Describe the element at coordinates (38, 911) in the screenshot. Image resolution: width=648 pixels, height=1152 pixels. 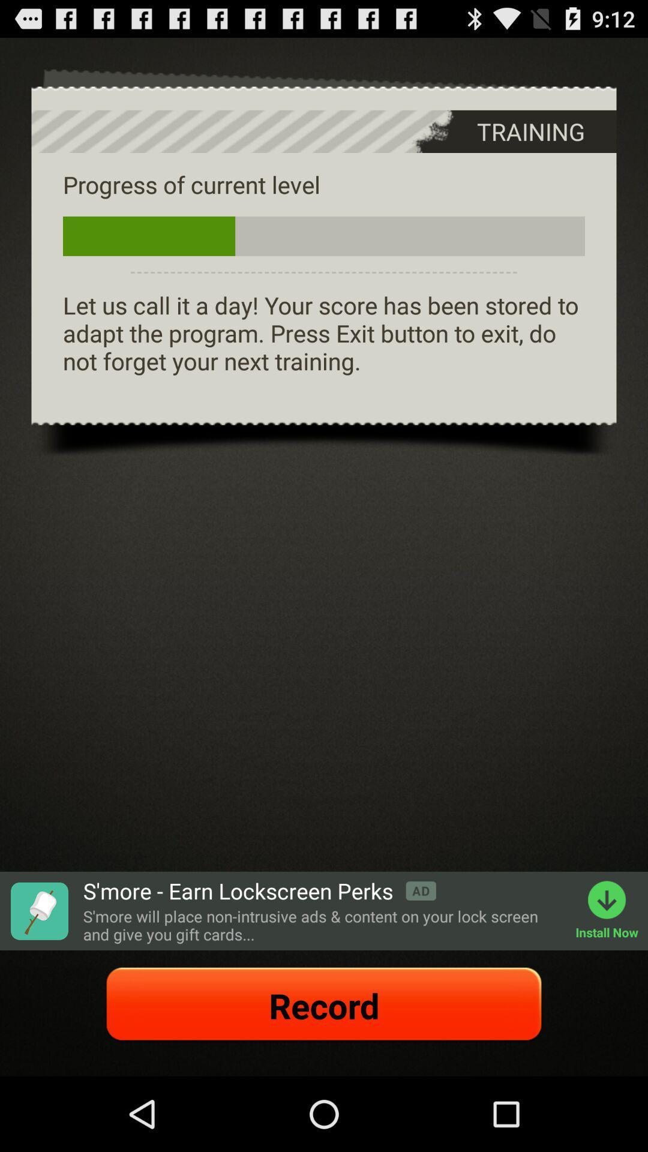
I see `advertisement` at that location.